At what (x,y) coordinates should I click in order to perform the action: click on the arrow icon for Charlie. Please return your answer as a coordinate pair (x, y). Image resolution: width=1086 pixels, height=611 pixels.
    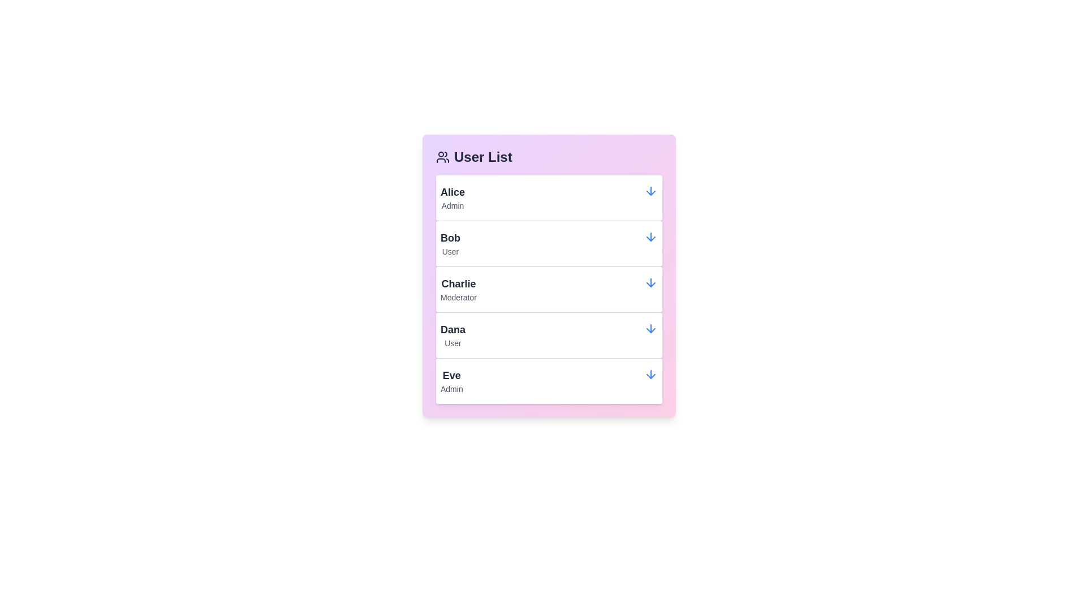
    Looking at the image, I should click on (651, 282).